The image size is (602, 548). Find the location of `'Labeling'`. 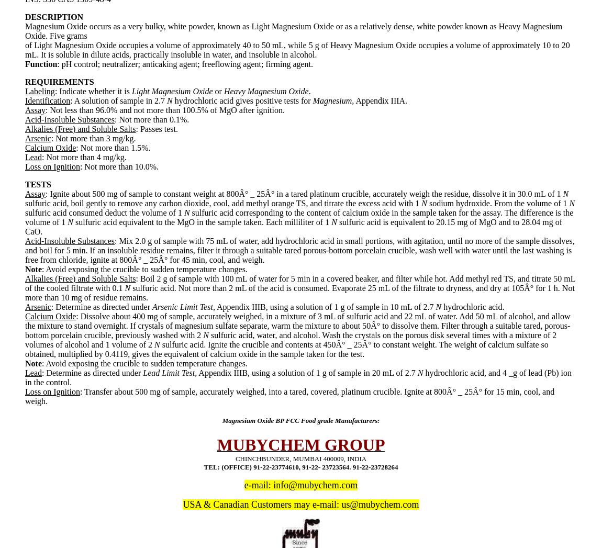

'Labeling' is located at coordinates (39, 91).